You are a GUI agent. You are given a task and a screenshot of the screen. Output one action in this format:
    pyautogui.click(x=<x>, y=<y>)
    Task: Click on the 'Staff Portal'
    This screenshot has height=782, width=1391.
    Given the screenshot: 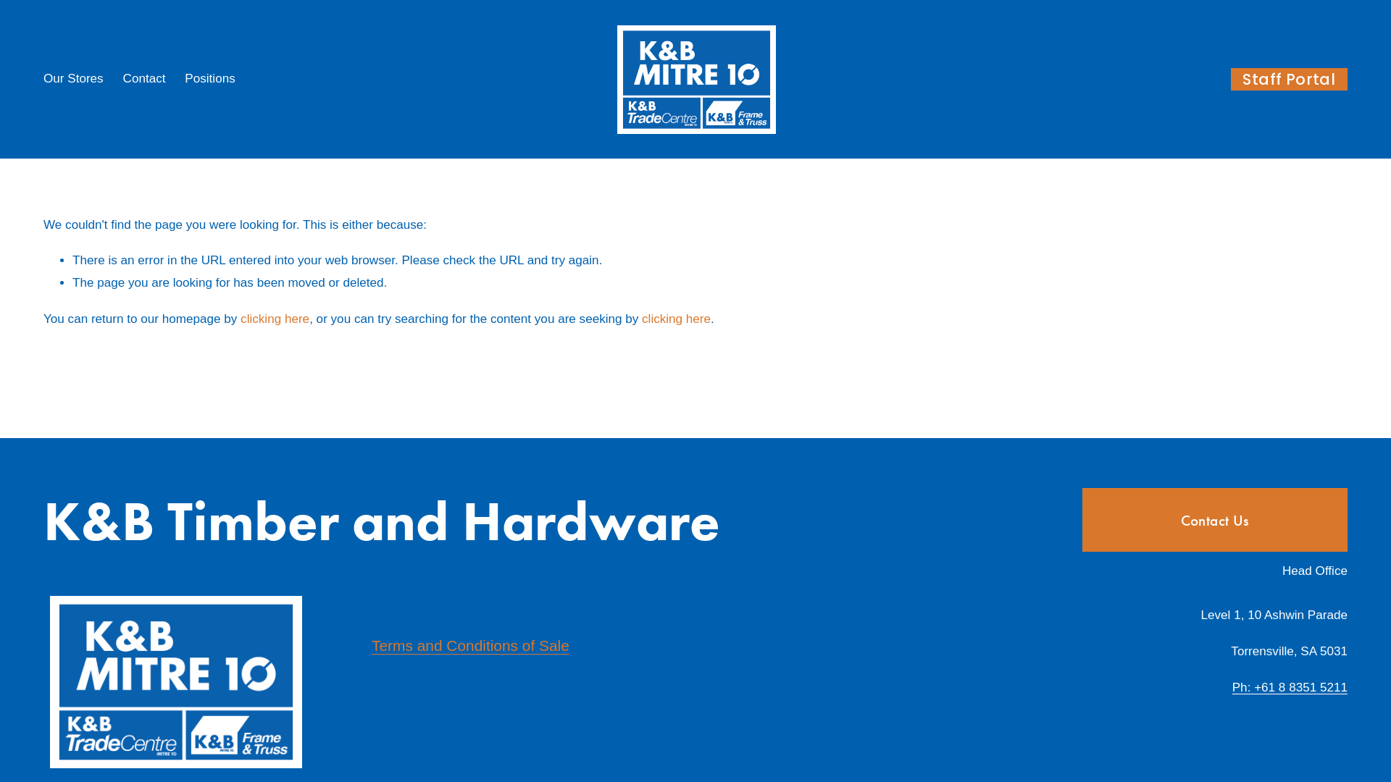 What is the action you would take?
    pyautogui.click(x=1289, y=79)
    